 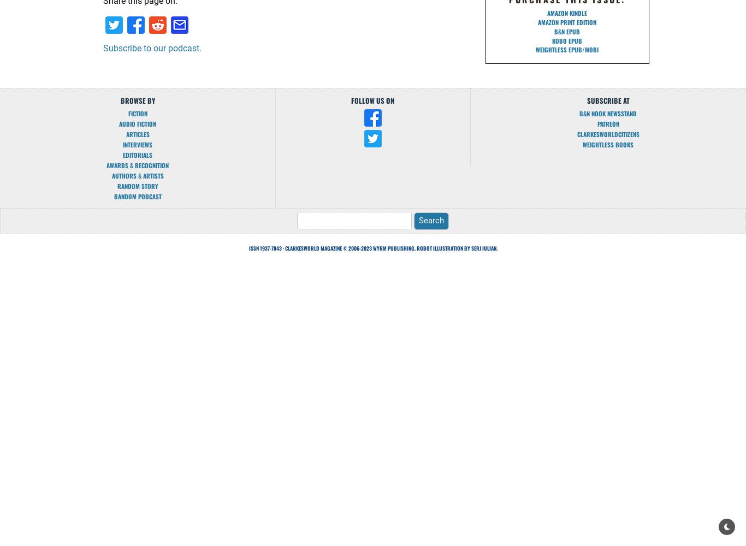 I want to click on 'ISSN 1937-7843 · Clarkesworld Magazine © 2006-2023 Wyrm Publishing. Robot illustration by Serj Iulian.', so click(x=372, y=248).